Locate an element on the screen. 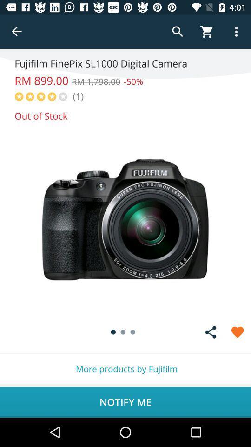  zoom image is located at coordinates (125, 220).